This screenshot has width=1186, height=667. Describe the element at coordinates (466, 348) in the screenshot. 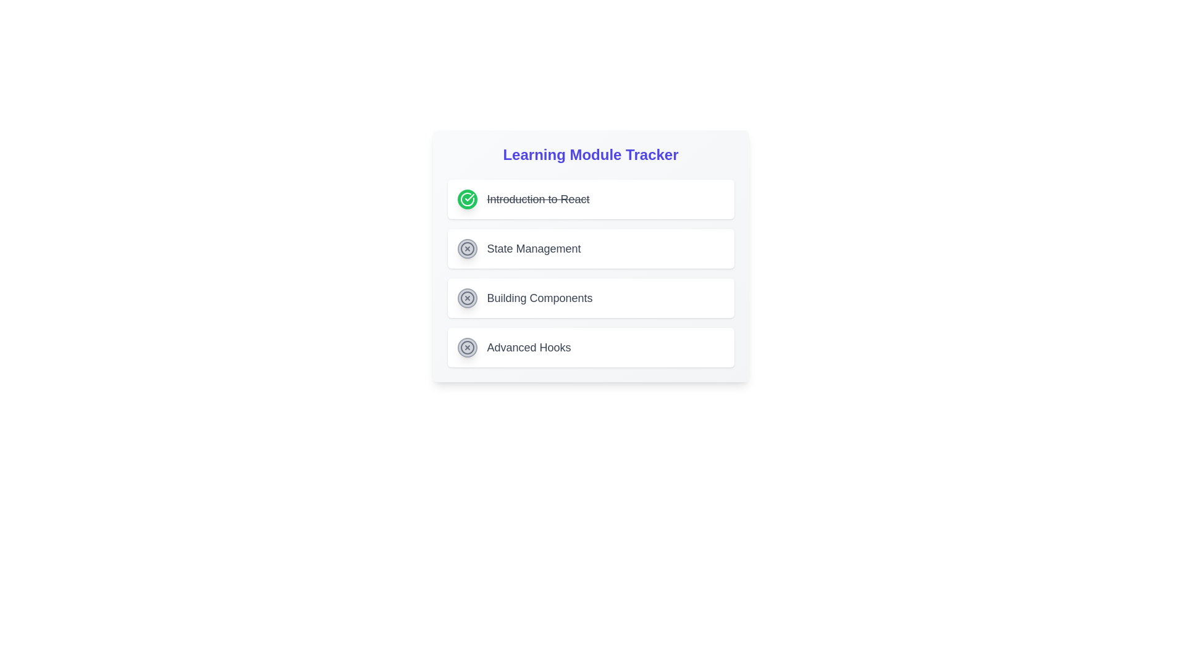

I see `the status indicator icon for 'Advanced Hooks', which is a circular icon with a gray outline and a gray cross symbol` at that location.